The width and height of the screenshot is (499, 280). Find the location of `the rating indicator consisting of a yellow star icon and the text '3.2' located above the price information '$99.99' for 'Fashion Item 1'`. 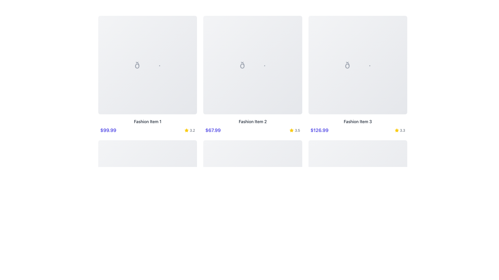

the rating indicator consisting of a yellow star icon and the text '3.2' located above the price information '$99.99' for 'Fashion Item 1' is located at coordinates (189, 130).